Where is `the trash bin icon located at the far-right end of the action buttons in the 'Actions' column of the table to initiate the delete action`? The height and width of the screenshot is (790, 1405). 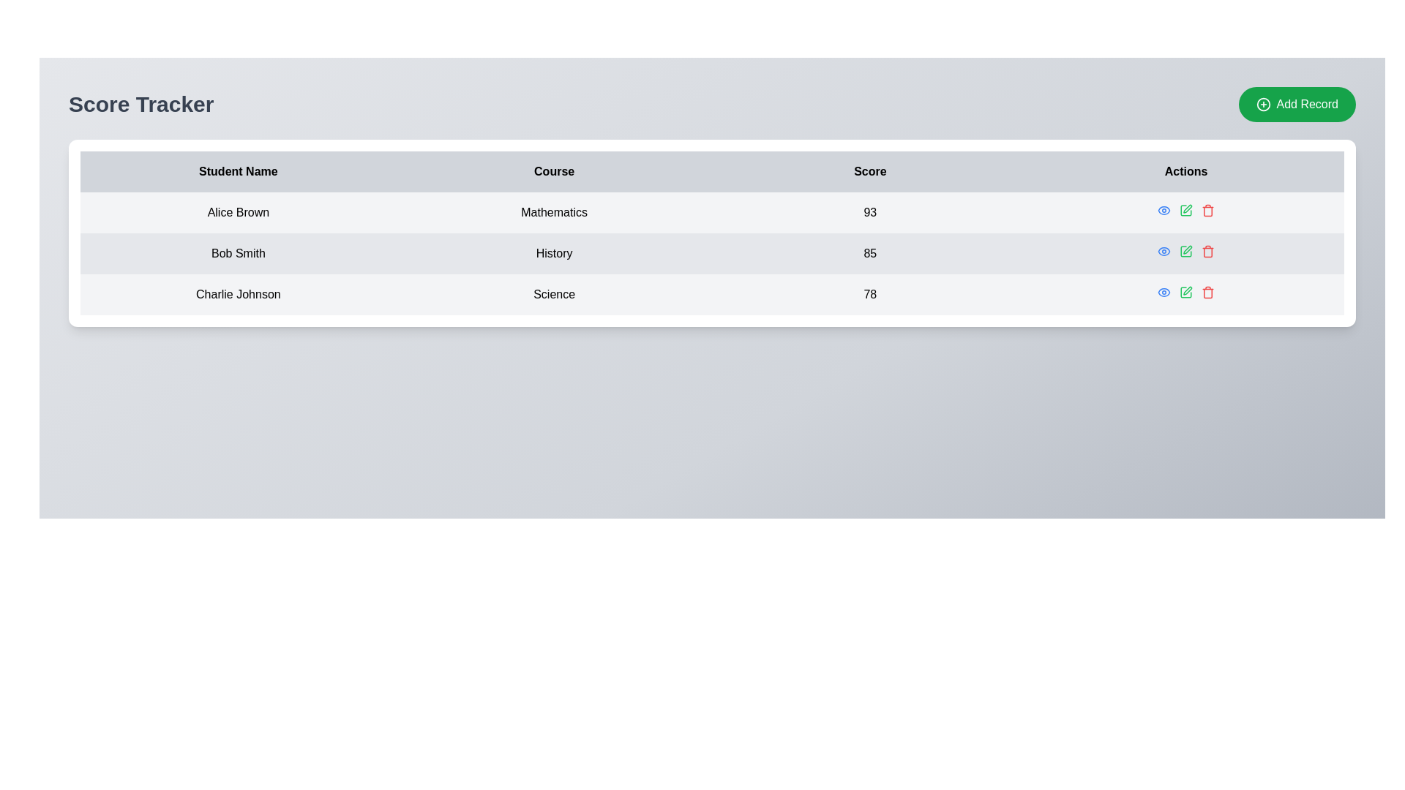
the trash bin icon located at the far-right end of the action buttons in the 'Actions' column of the table to initiate the delete action is located at coordinates (1208, 211).